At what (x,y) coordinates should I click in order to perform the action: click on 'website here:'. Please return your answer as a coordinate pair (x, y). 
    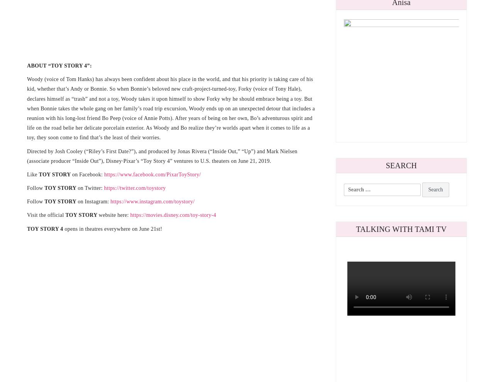
    Looking at the image, I should click on (114, 215).